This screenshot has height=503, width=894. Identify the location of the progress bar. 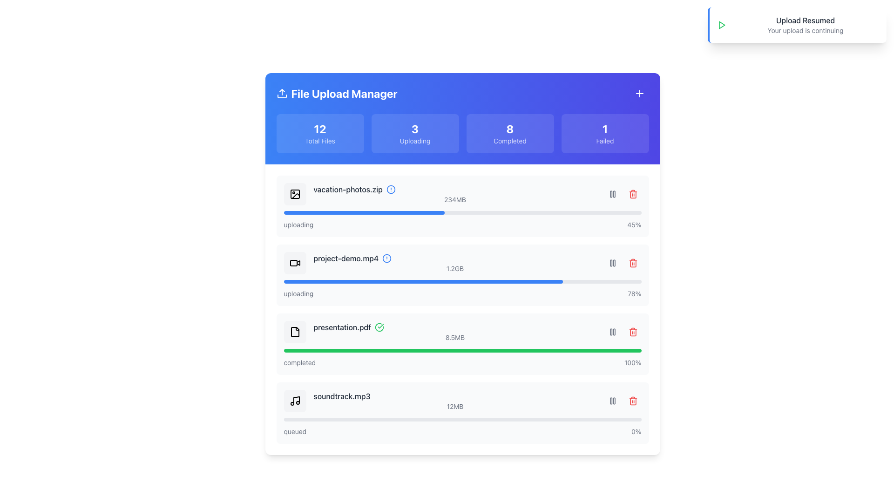
(335, 212).